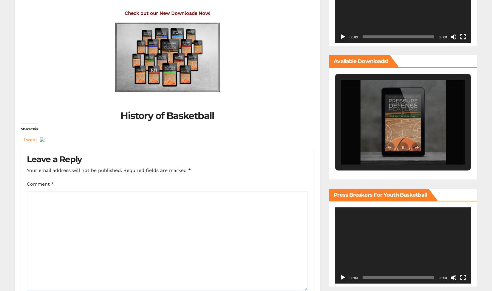 This screenshot has height=291, width=492. What do you see at coordinates (380, 195) in the screenshot?
I see `'Press Breakers for Youth Basketball'` at bounding box center [380, 195].